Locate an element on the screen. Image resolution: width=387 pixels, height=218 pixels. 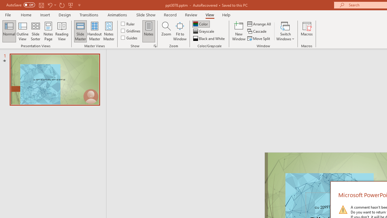
'Redo' is located at coordinates (62, 5).